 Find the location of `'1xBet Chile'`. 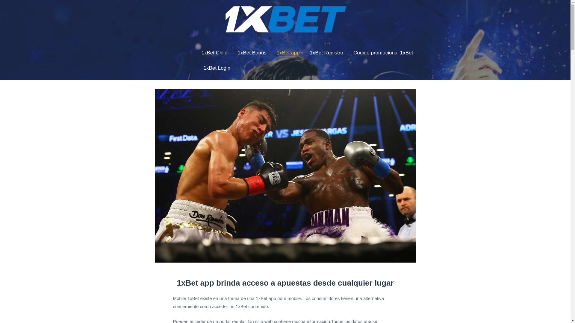

'1xBet Chile' is located at coordinates (214, 53).